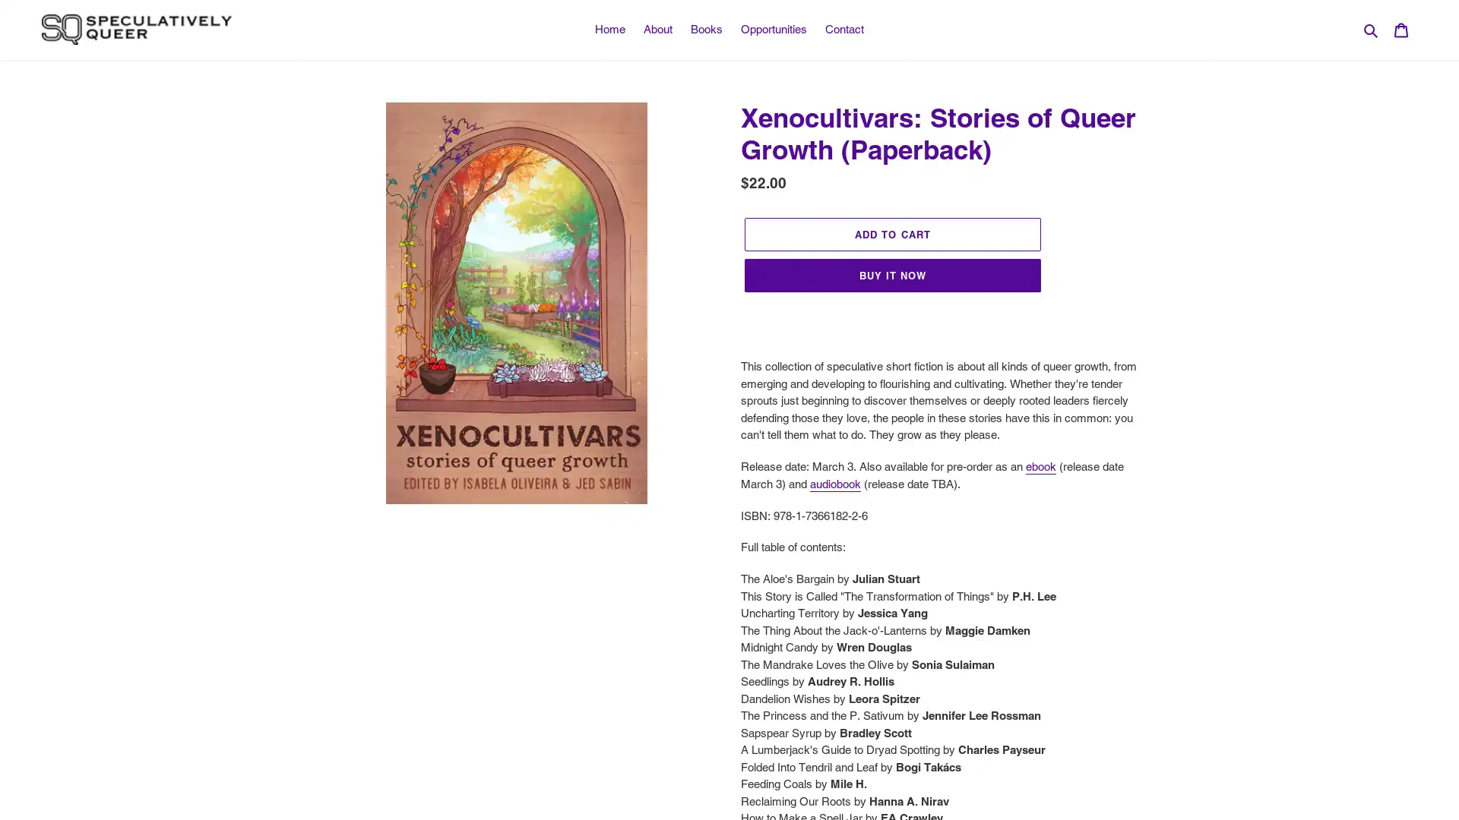 This screenshot has height=820, width=1459. What do you see at coordinates (893, 275) in the screenshot?
I see `BUY IT NOW` at bounding box center [893, 275].